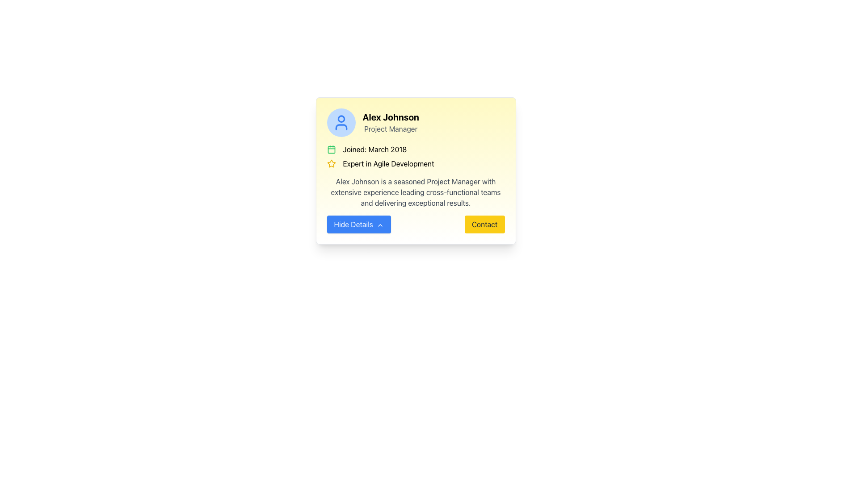 The image size is (858, 482). Describe the element at coordinates (380, 224) in the screenshot. I see `the upward-facing chevron icon located to the right of the 'Hide Details' button text to hide the additional information displayed` at that location.